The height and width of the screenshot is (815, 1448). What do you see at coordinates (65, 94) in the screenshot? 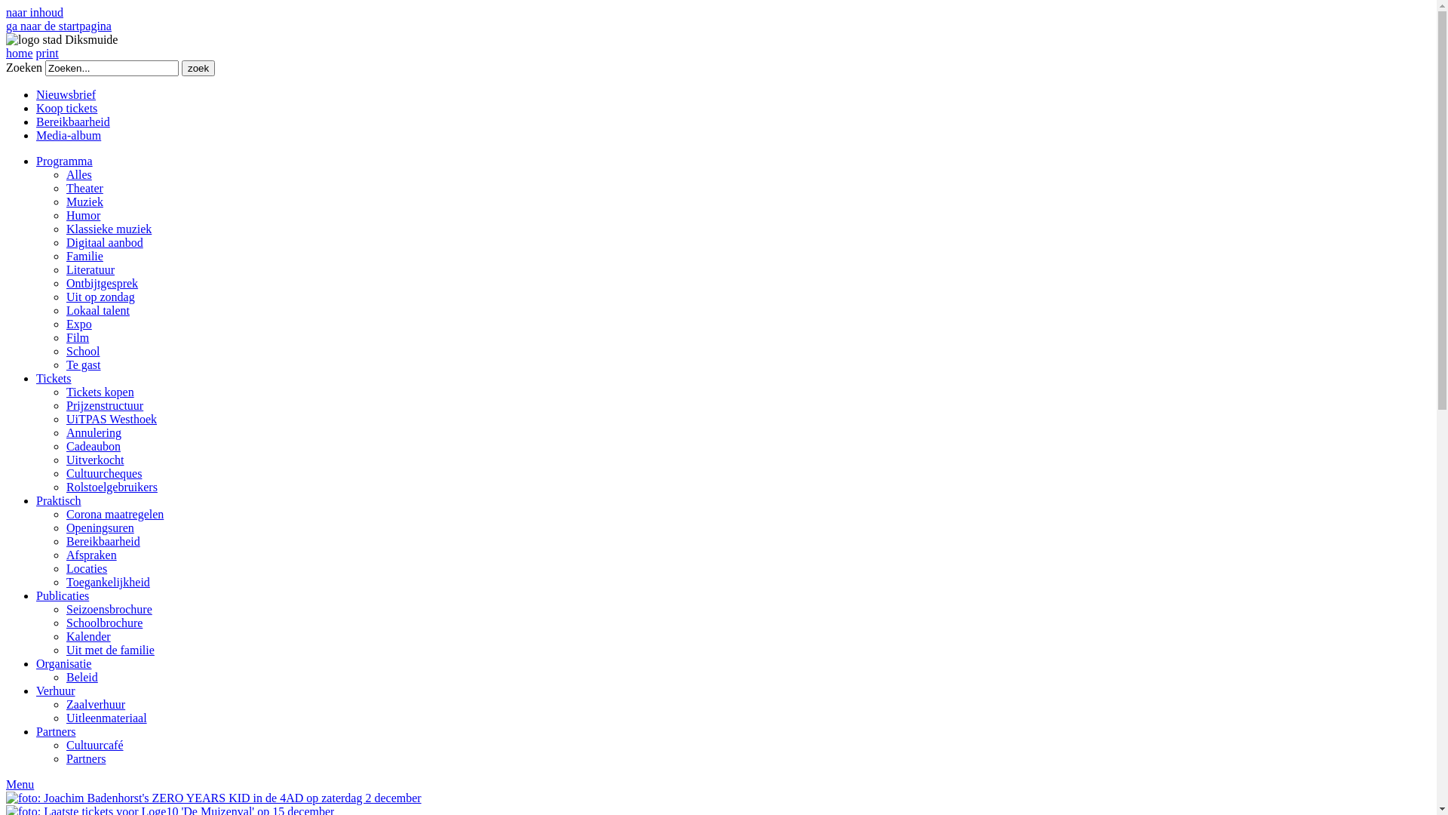
I see `'Nieuwsbrief'` at bounding box center [65, 94].